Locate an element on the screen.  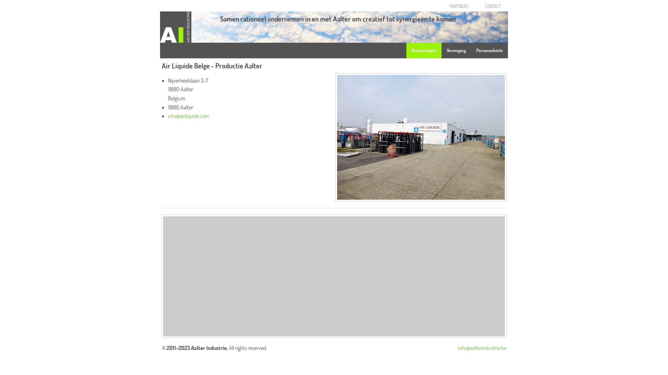
'Vereniging' is located at coordinates (456, 50).